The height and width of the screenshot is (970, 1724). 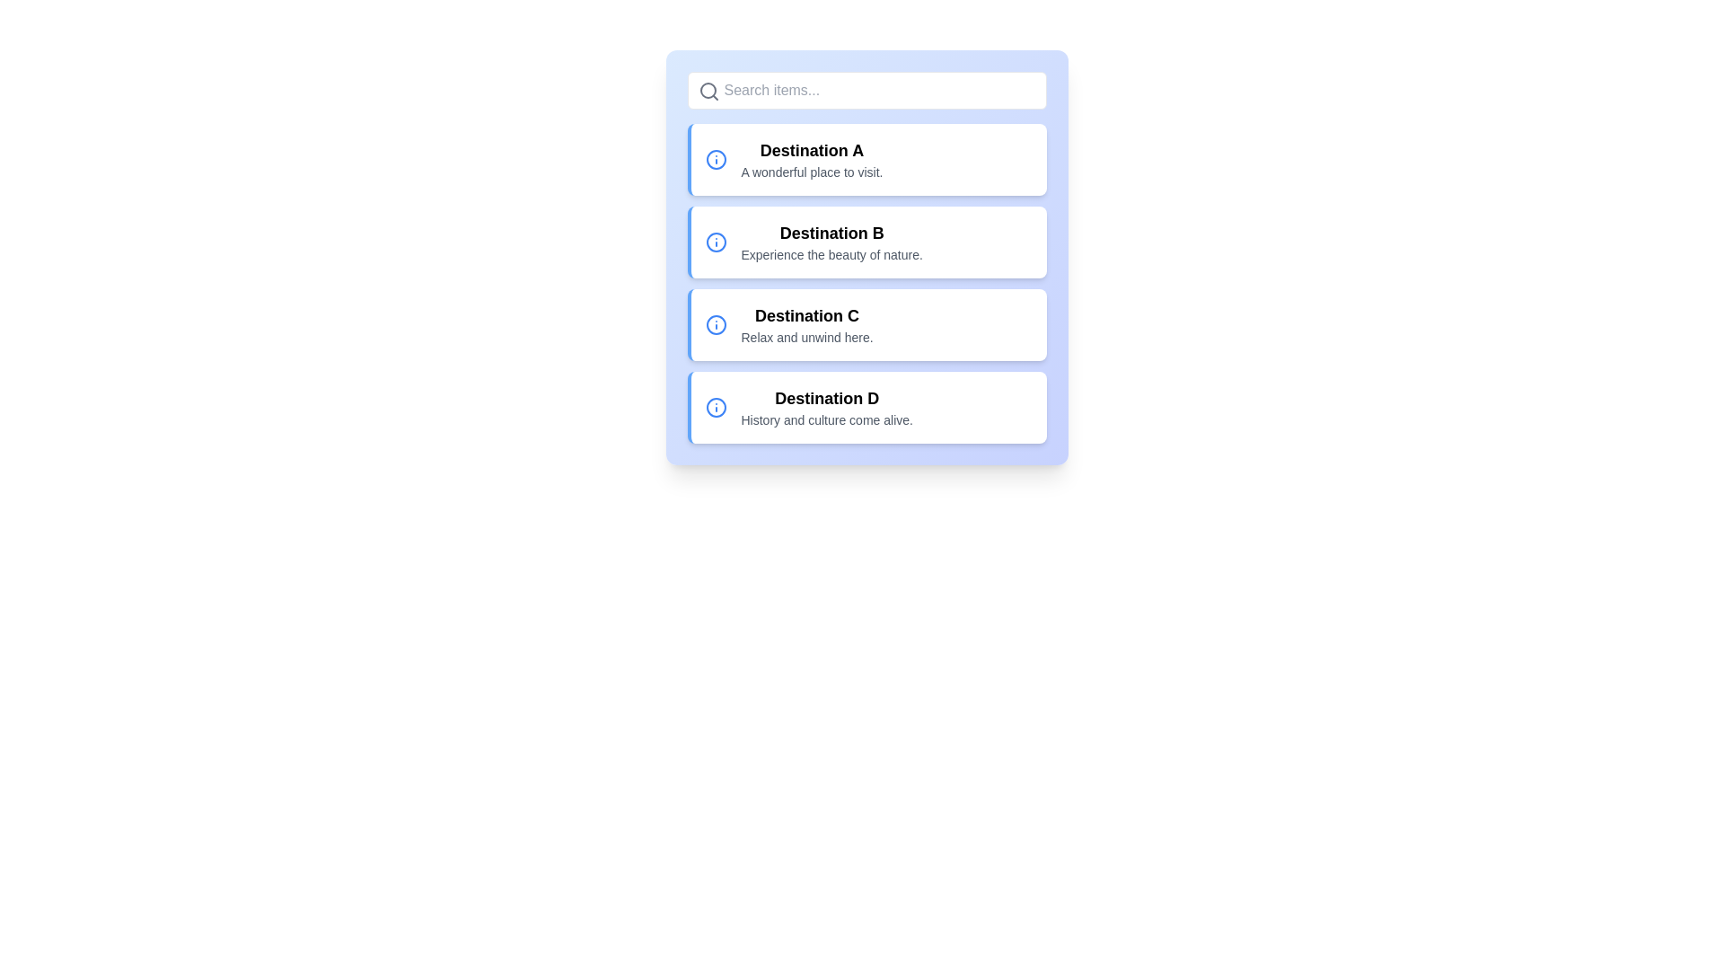 What do you see at coordinates (831, 232) in the screenshot?
I see `the primary heading text label for the second destination in the vertically stacked list, which identifies the destination clearly above the description 'Experience the beauty of nature.'` at bounding box center [831, 232].